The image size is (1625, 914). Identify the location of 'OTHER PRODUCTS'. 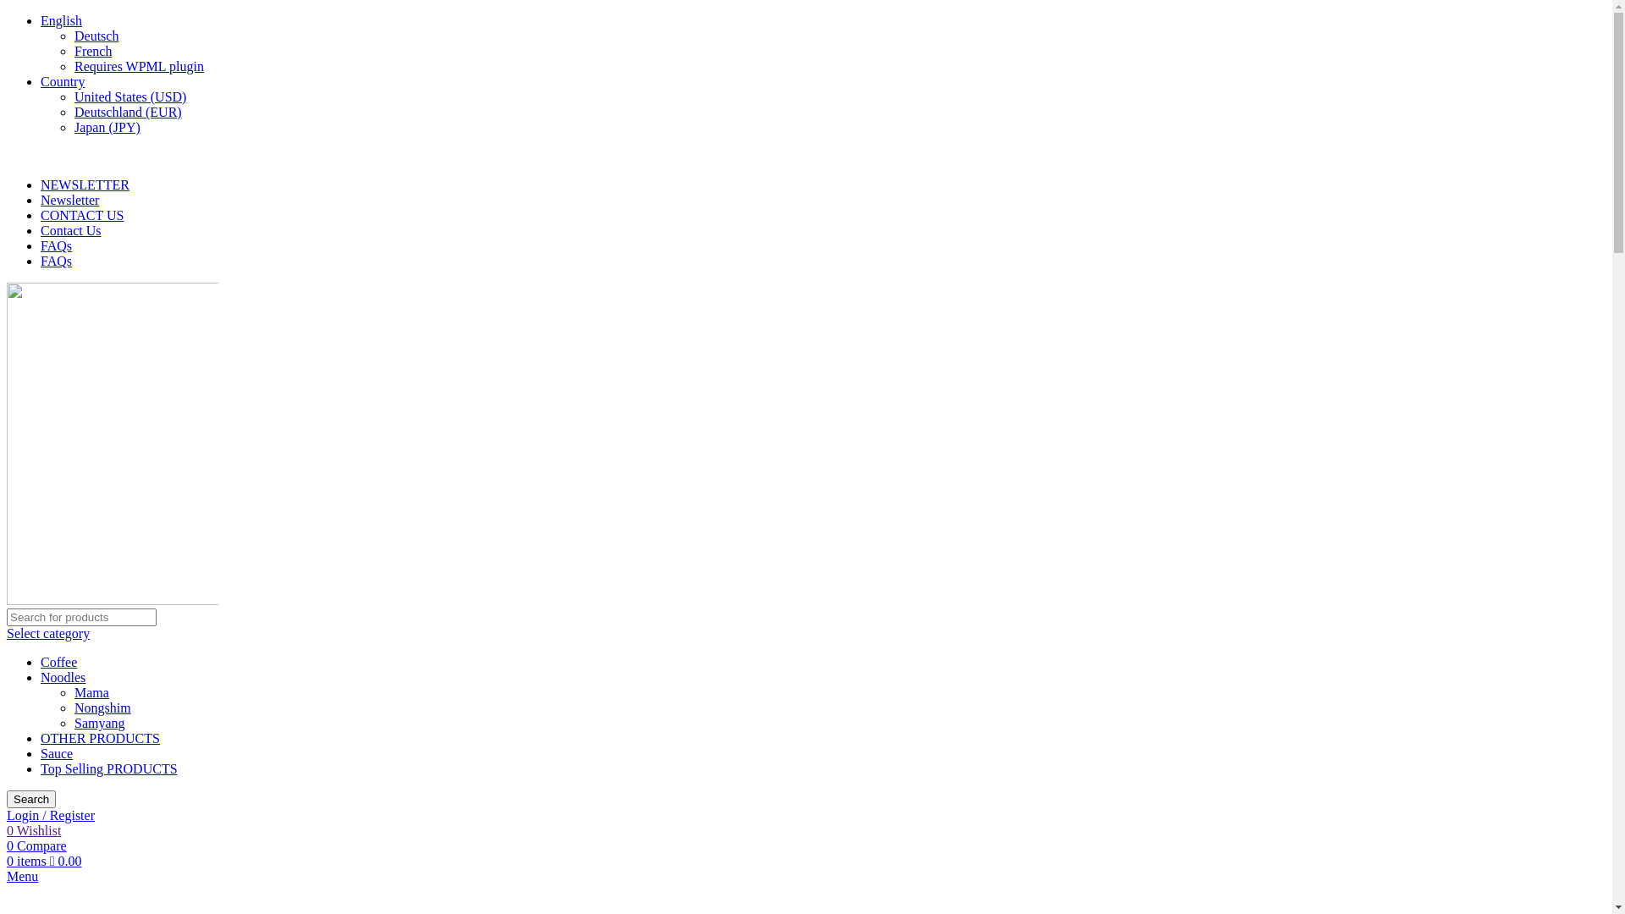
(99, 737).